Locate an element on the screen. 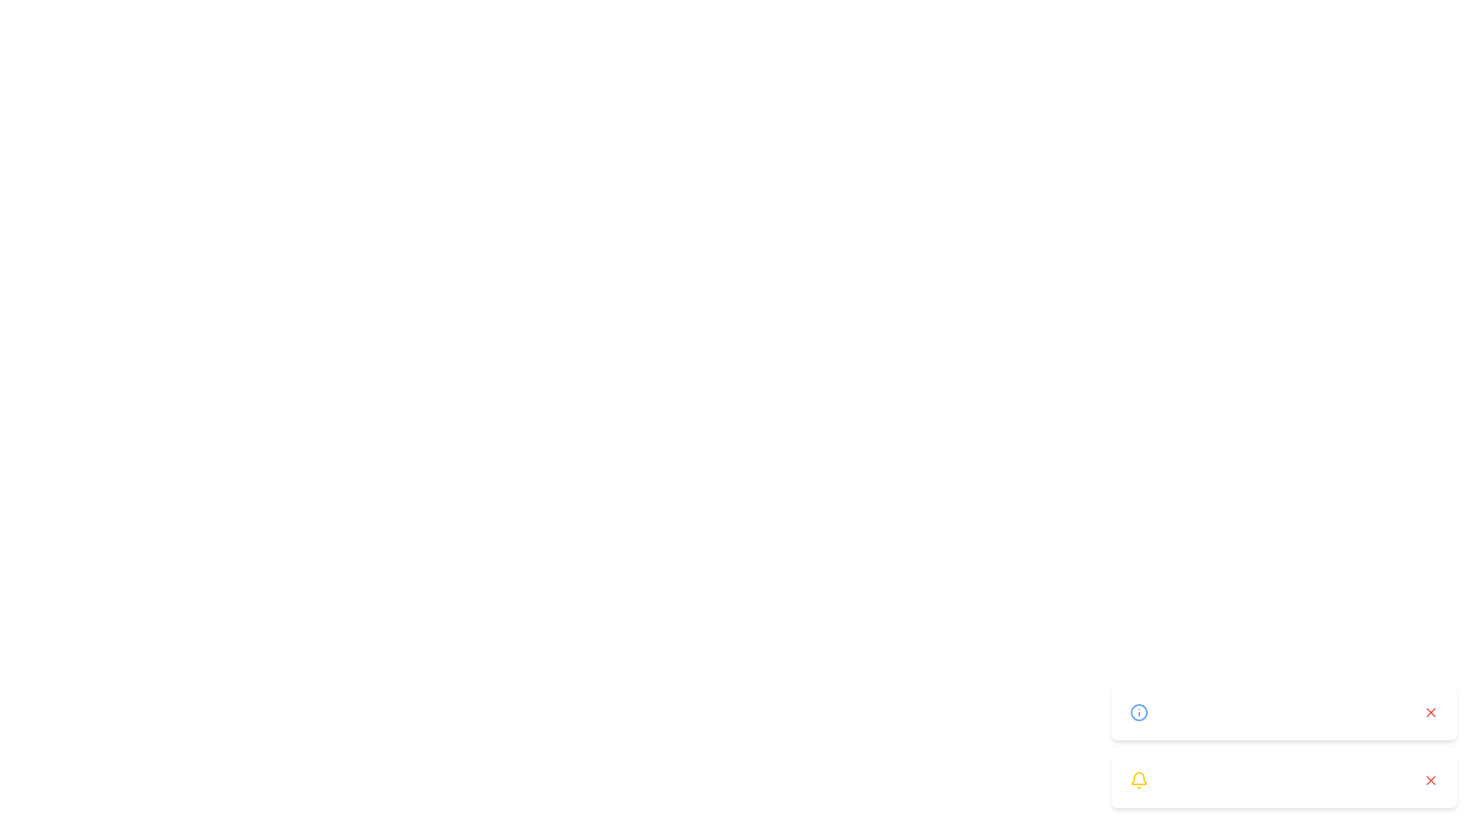 Image resolution: width=1482 pixels, height=833 pixels. close button on the notification with message 'Unusual login attempt detected.' is located at coordinates (1430, 780).